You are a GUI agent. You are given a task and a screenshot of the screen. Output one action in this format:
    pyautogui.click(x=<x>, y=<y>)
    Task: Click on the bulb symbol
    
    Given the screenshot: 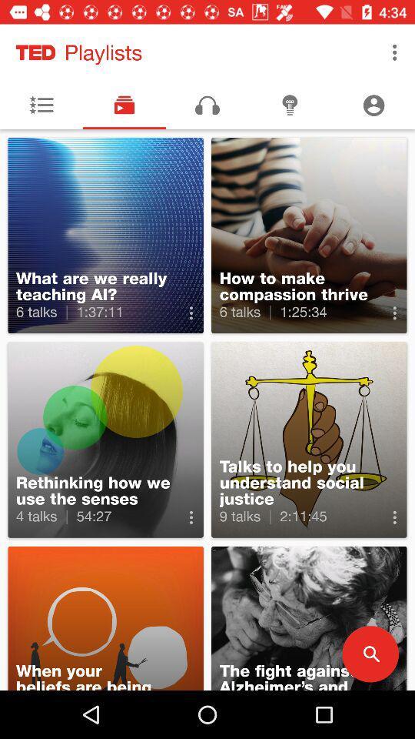 What is the action you would take?
    pyautogui.click(x=290, y=104)
    